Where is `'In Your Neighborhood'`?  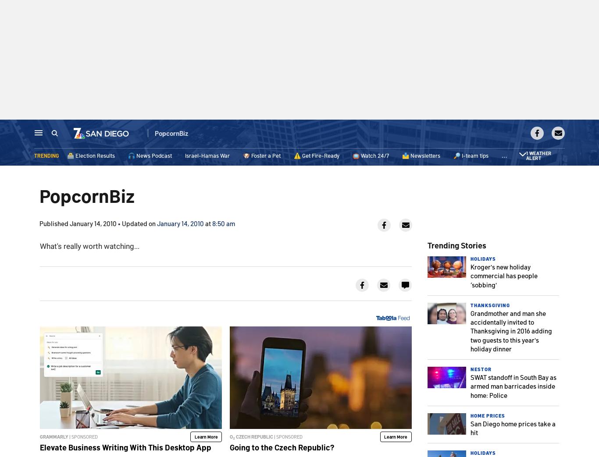
'In Your Neighborhood' is located at coordinates (375, 134).